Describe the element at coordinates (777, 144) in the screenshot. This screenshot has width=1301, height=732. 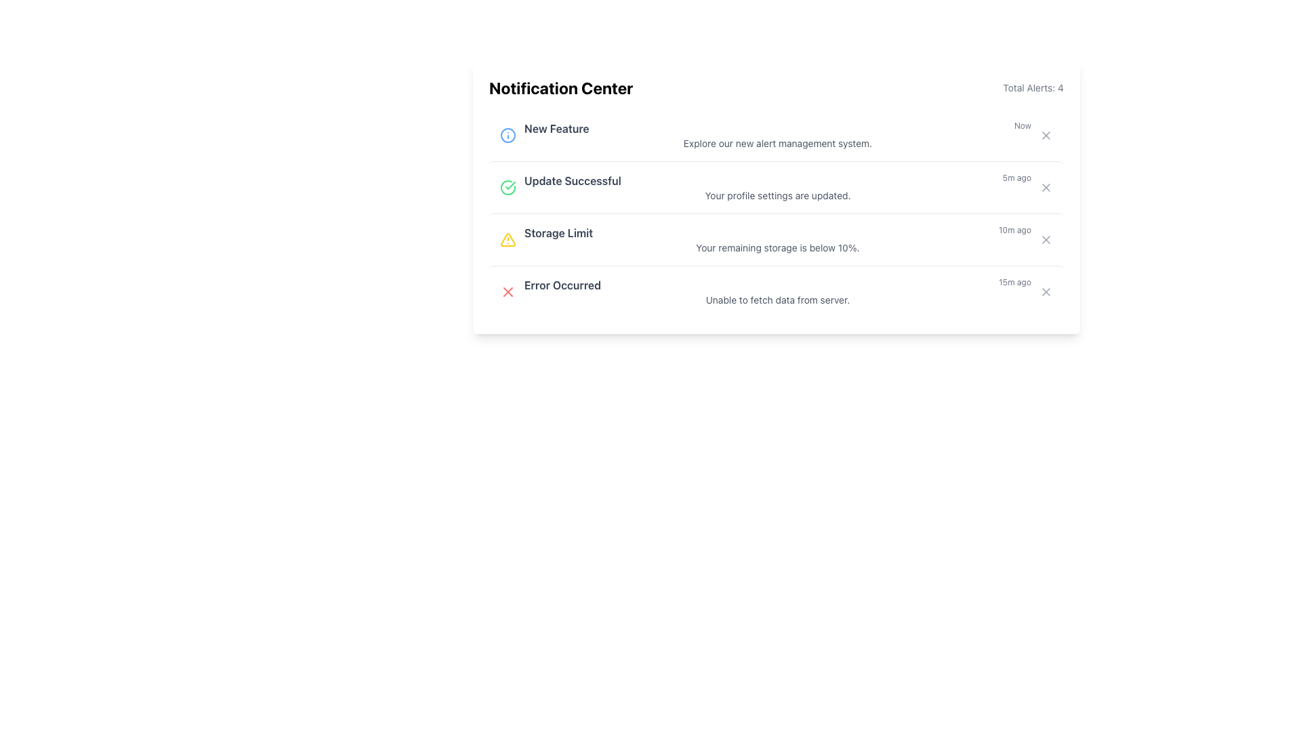
I see `the descriptive static text providing additional information about the 'New Feature' notification` at that location.